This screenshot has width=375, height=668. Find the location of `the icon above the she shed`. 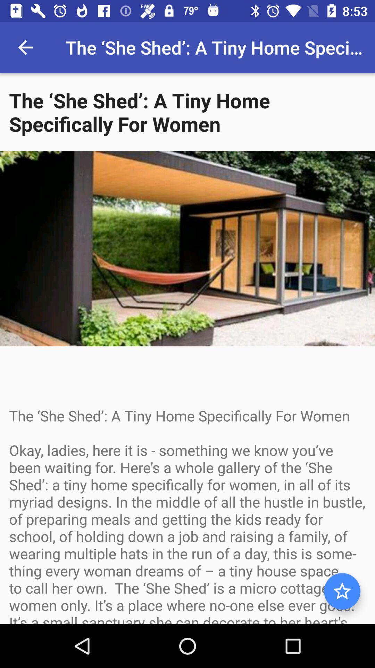

the icon above the she shed is located at coordinates (25, 47).